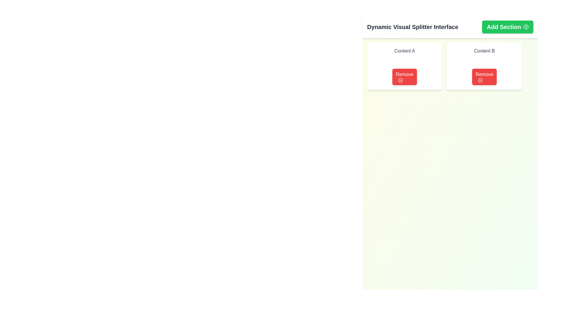  What do you see at coordinates (484, 66) in the screenshot?
I see `the 'Remove' button at the bottom center of the card labeled 'Content B' to initiate a removal action` at bounding box center [484, 66].